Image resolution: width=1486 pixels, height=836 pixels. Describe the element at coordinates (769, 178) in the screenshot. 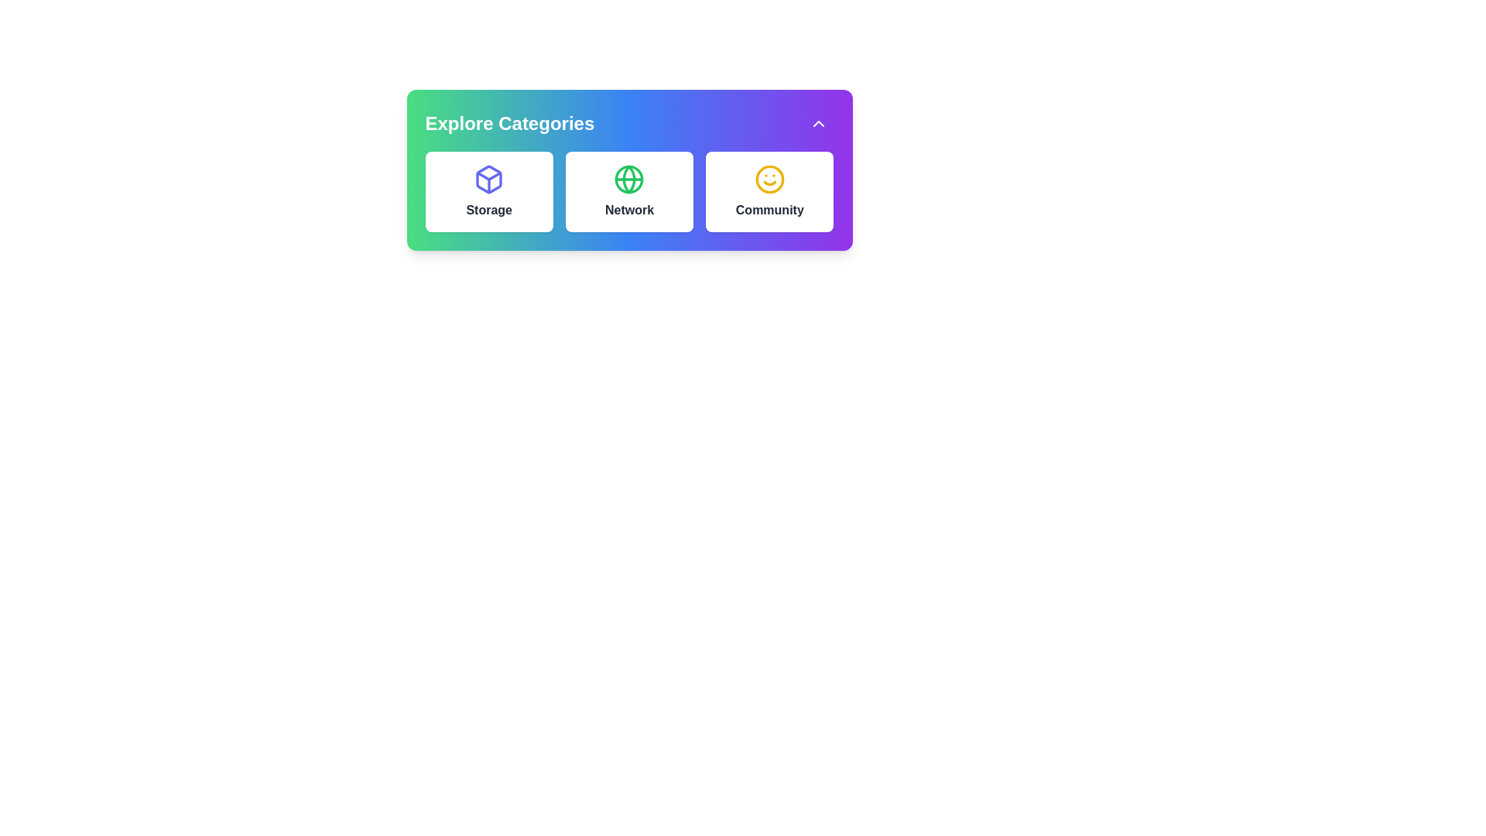

I see `the 'Community' icon located in the fourth button area of the purple-gradient card labeled 'Explore Categories'` at that location.